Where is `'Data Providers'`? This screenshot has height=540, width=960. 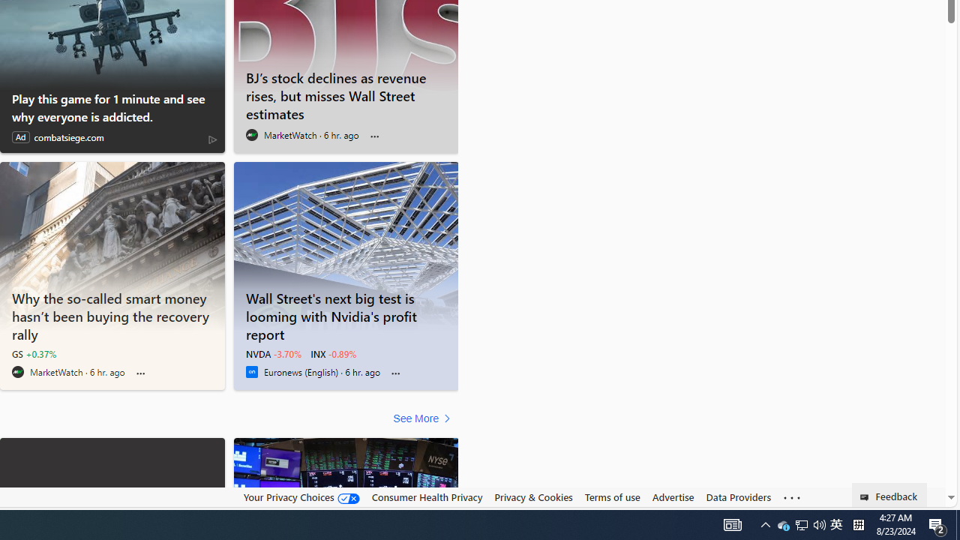
'Data Providers' is located at coordinates (738, 496).